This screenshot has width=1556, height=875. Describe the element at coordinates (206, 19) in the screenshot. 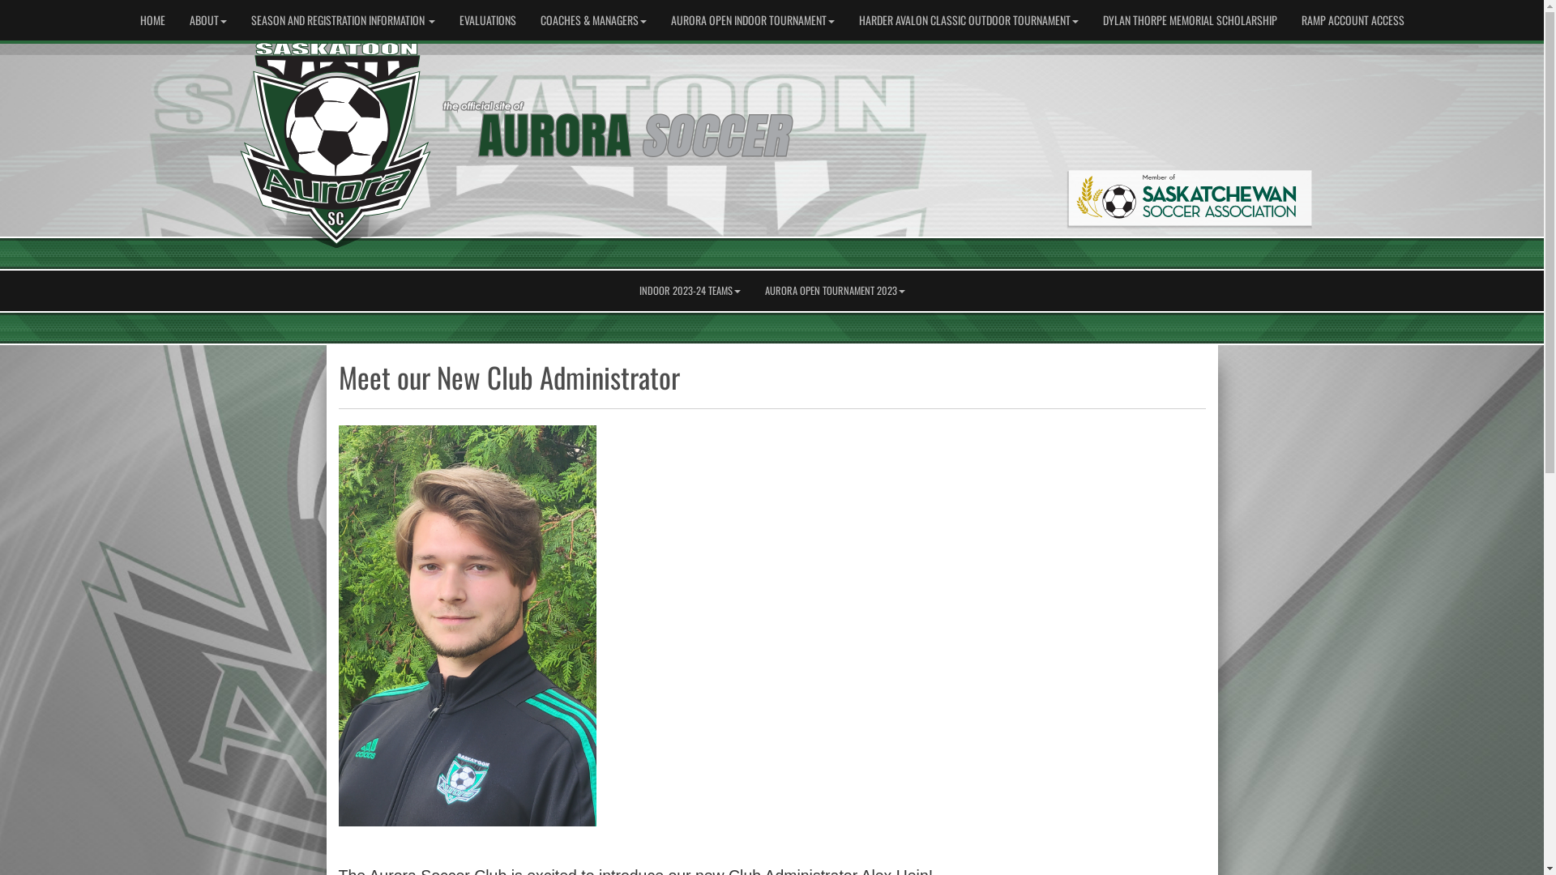

I see `'ABOUT'` at that location.